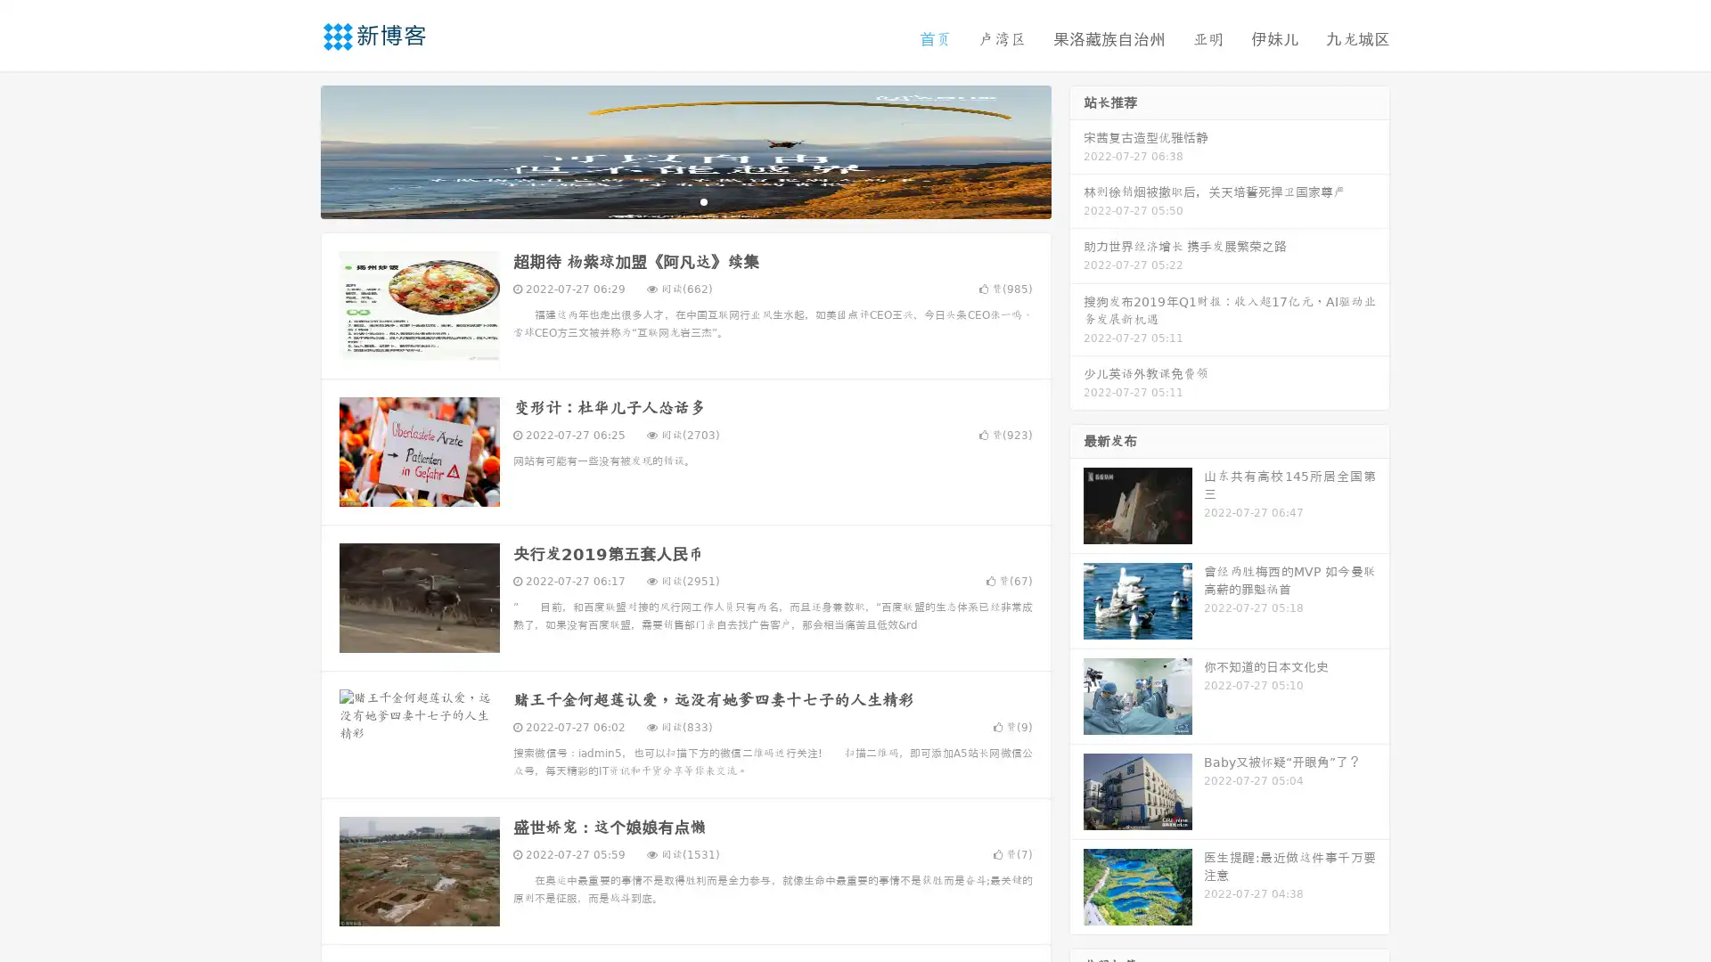 This screenshot has width=1711, height=962. Describe the element at coordinates (294, 150) in the screenshot. I see `Previous slide` at that location.